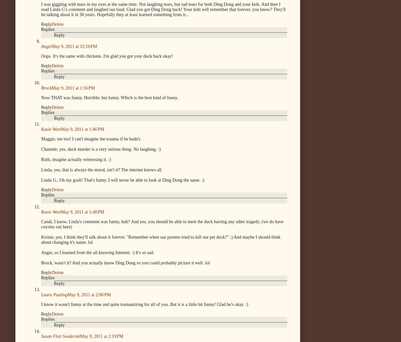  What do you see at coordinates (160, 240) in the screenshot?
I see `'Kristie, yes, I think they'll talk about it forever. "Remember when our parents tried to kill our pet duck?" :) And maybe I should think about changing it's name. lol'` at bounding box center [160, 240].